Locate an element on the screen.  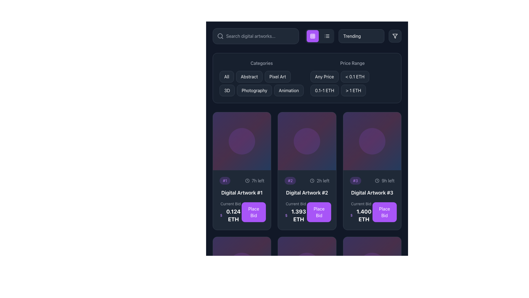
the button to place a bid located in the right-bottom portion of the card labeled 'Digital Artwork #2' is located at coordinates (307, 212).